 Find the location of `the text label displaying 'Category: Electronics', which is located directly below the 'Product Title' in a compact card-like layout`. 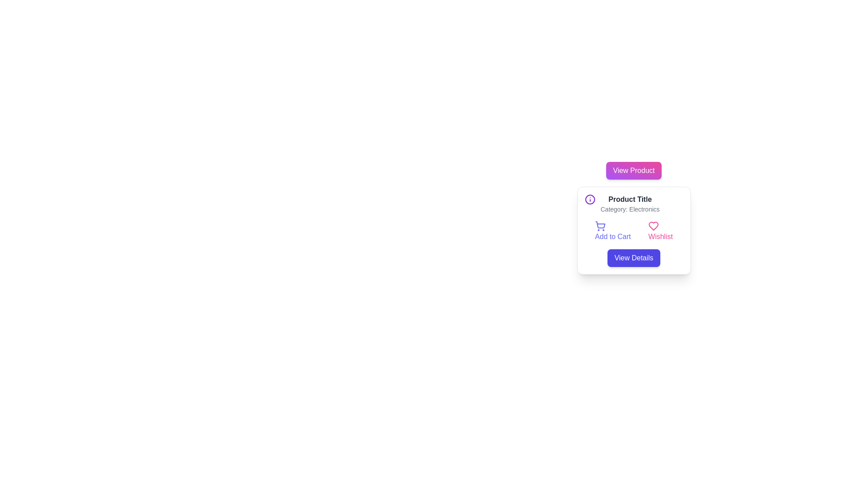

the text label displaying 'Category: Electronics', which is located directly below the 'Product Title' in a compact card-like layout is located at coordinates (630, 209).